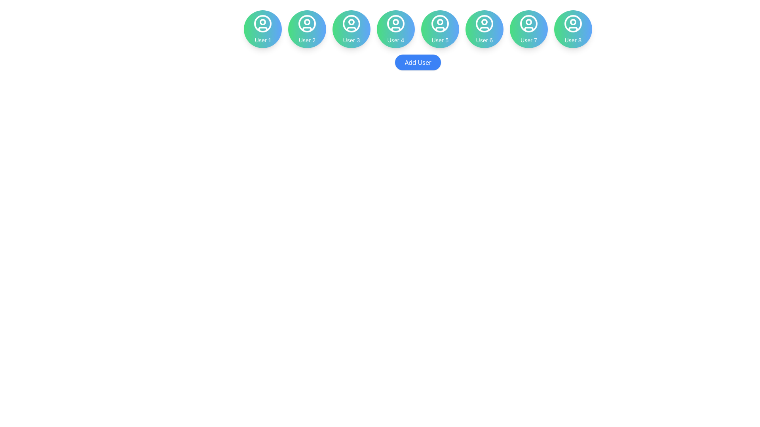 The height and width of the screenshot is (427, 760). Describe the element at coordinates (262, 40) in the screenshot. I see `the text label identifying the user icon as 'User 1' located at the bottom center of the circular component labeled 'User 1'` at that location.